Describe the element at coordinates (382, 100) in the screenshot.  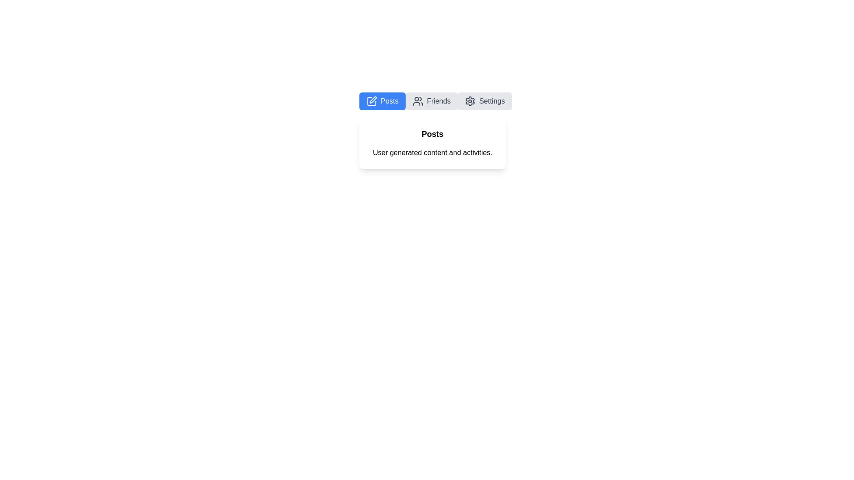
I see `the Posts tab by clicking on its button` at that location.